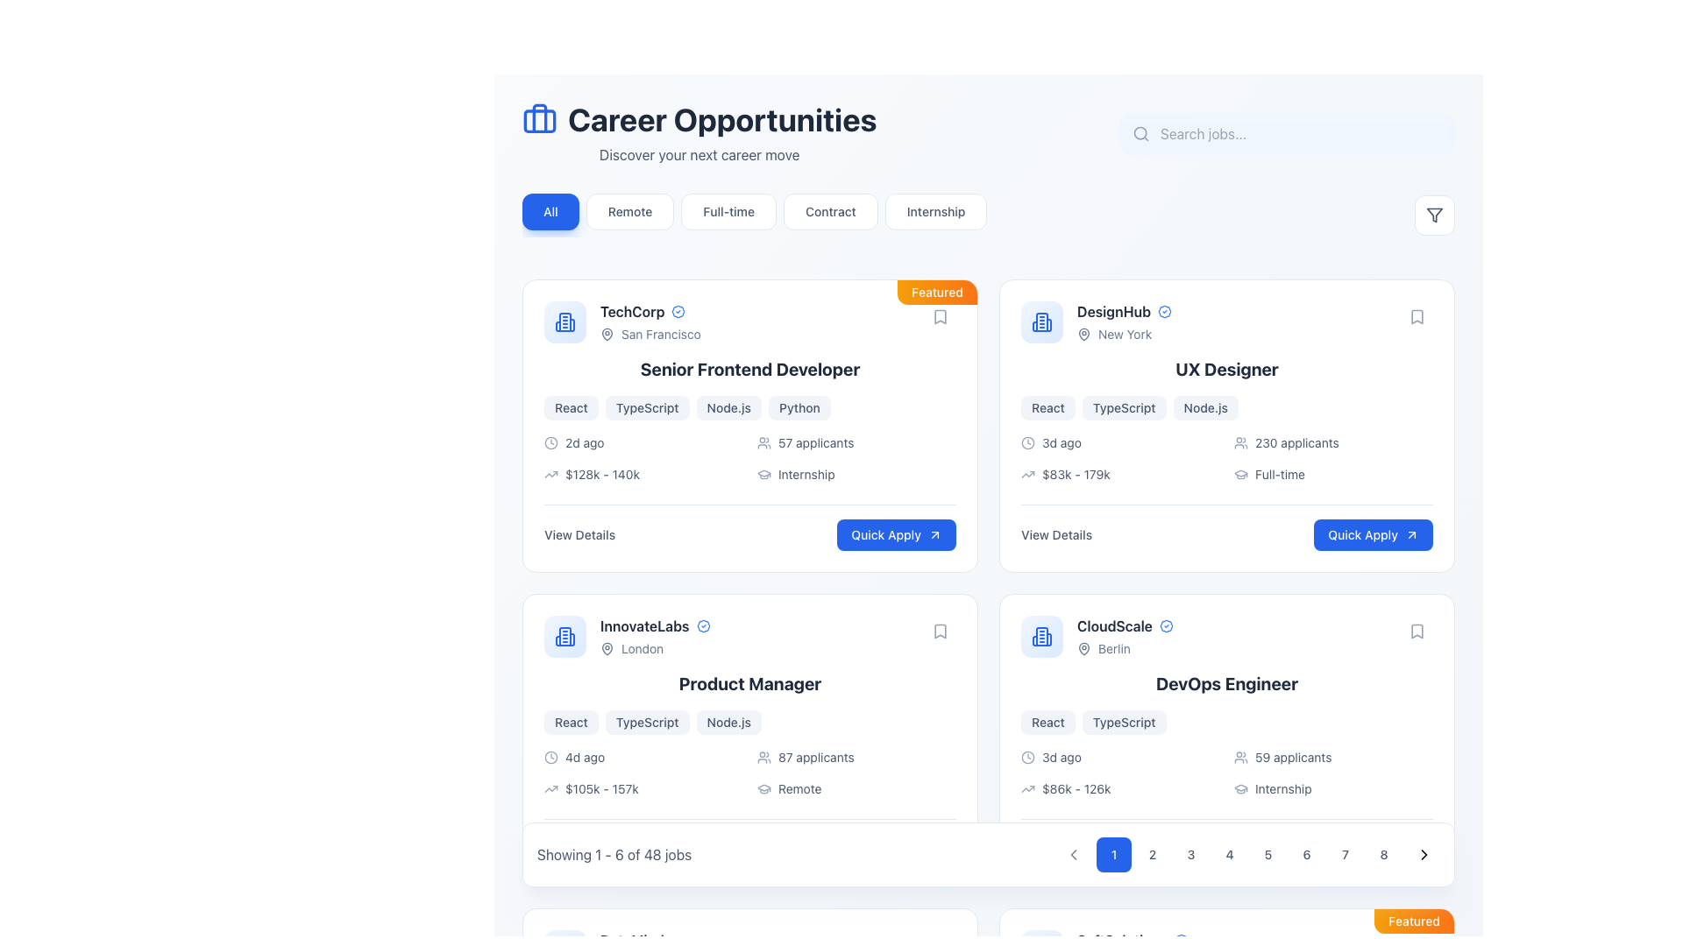 The height and width of the screenshot is (946, 1683). I want to click on the map pin icon located to the left of the 'New York' text in the job card titled 'DesignHub' for the position 'UX Designer', so click(1083, 334).